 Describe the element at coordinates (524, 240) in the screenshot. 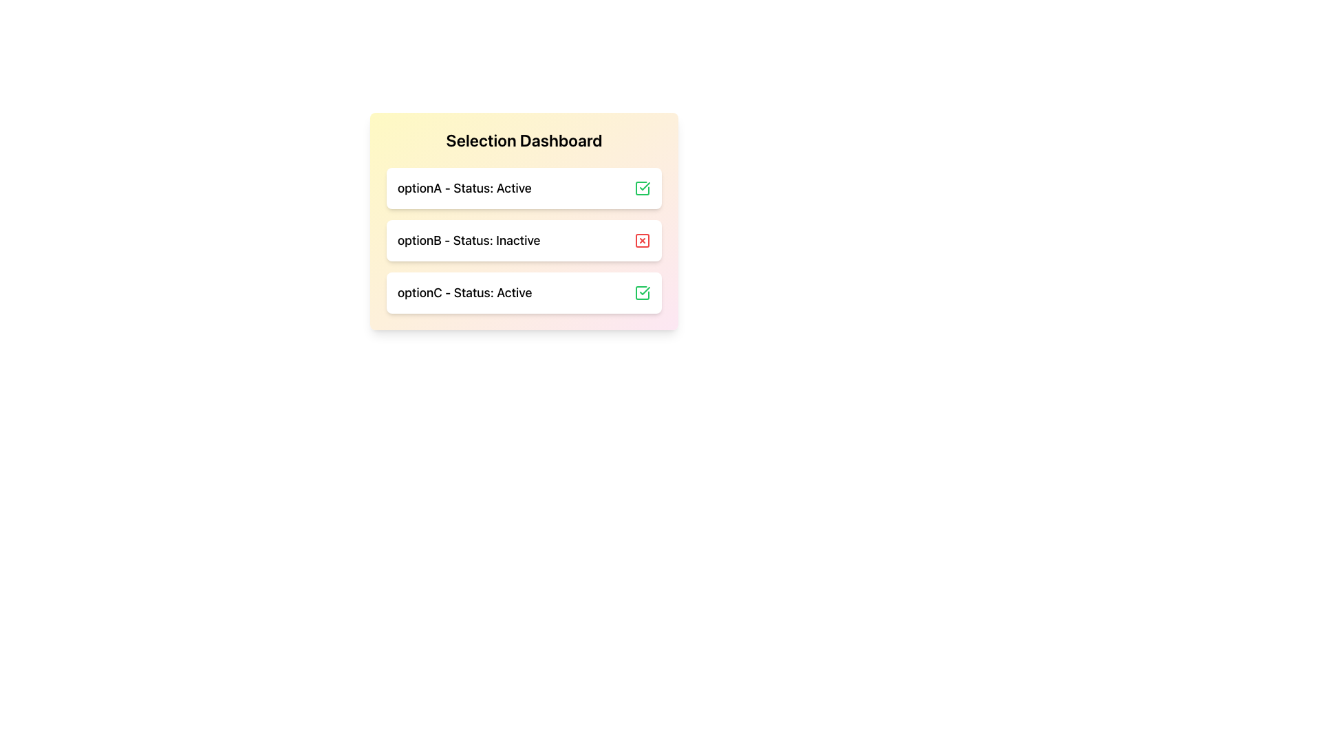

I see `the selection item labeled 'optionB' with status 'Inactive' to change its background. This element is the second item in a vertical list of three options` at that location.